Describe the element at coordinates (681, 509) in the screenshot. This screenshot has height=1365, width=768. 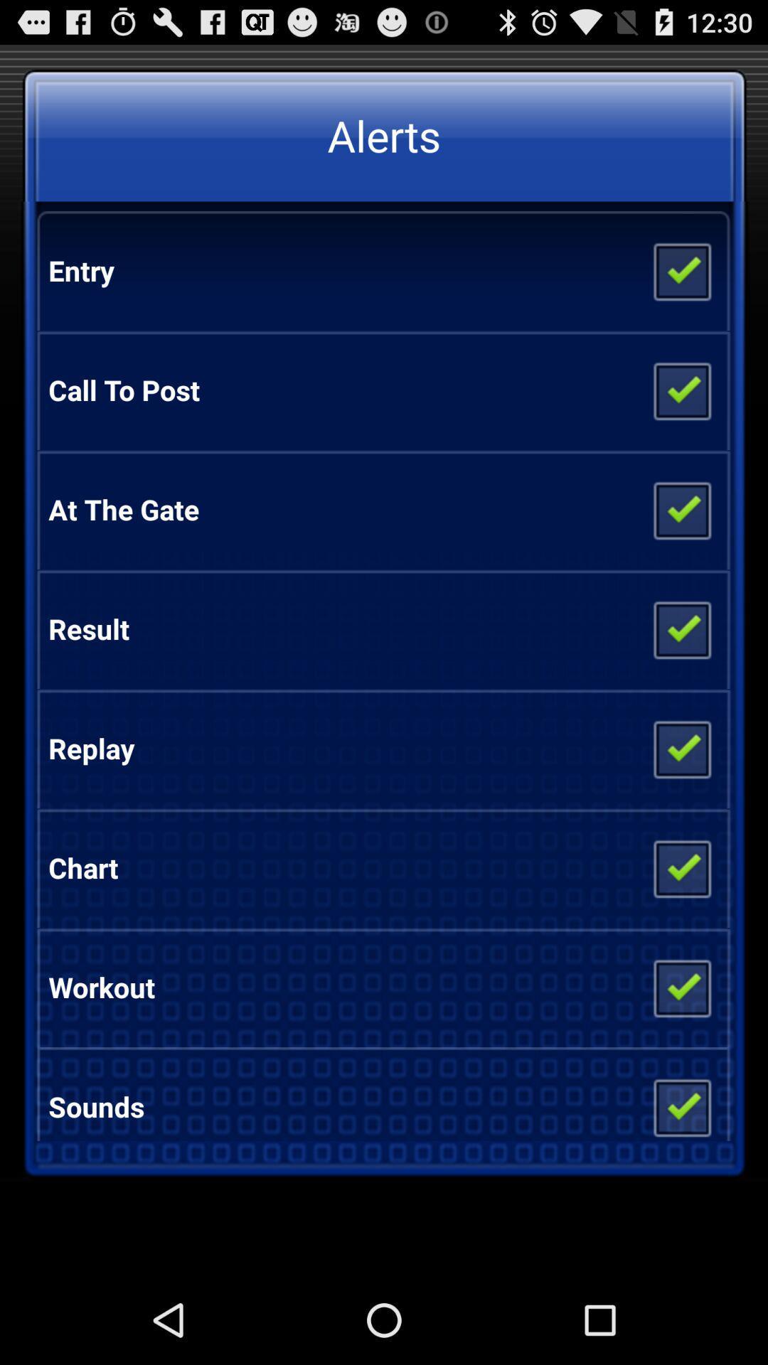
I see `the icon to the right of at the gate app` at that location.